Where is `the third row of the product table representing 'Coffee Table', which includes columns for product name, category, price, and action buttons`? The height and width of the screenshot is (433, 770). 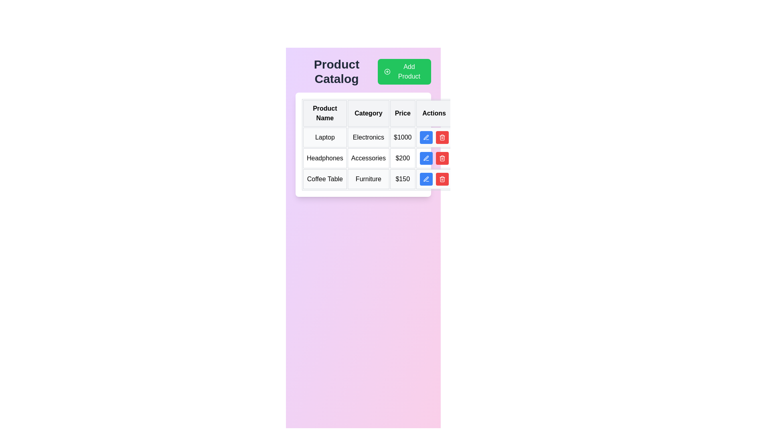
the third row of the product table representing 'Coffee Table', which includes columns for product name, category, price, and action buttons is located at coordinates (377, 179).